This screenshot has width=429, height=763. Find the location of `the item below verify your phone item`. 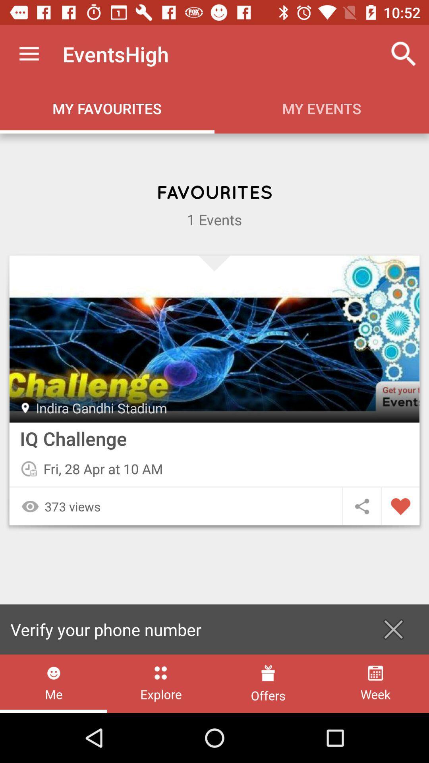

the item below verify your phone item is located at coordinates (161, 683).